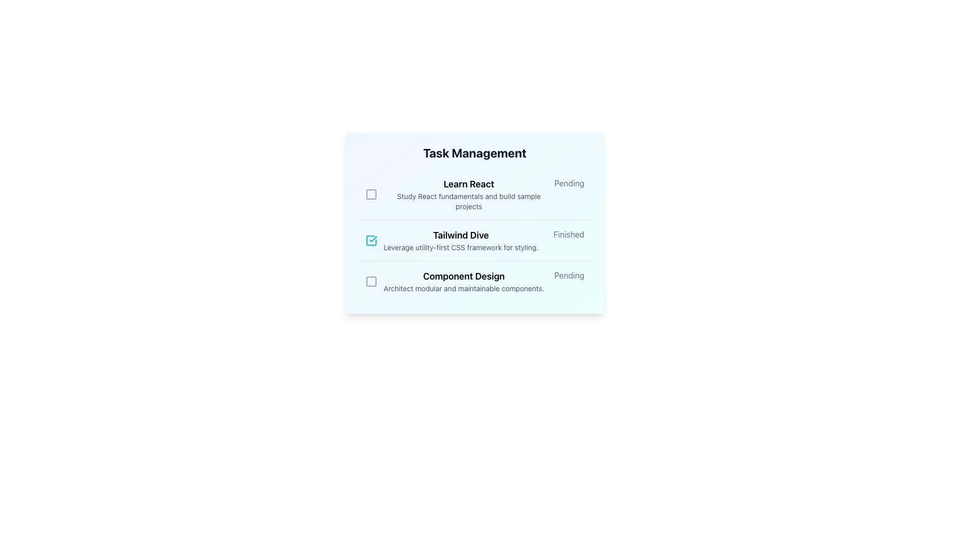  I want to click on the title text of the third listed item in the 'Task Management' card for reading, so click(463, 277).